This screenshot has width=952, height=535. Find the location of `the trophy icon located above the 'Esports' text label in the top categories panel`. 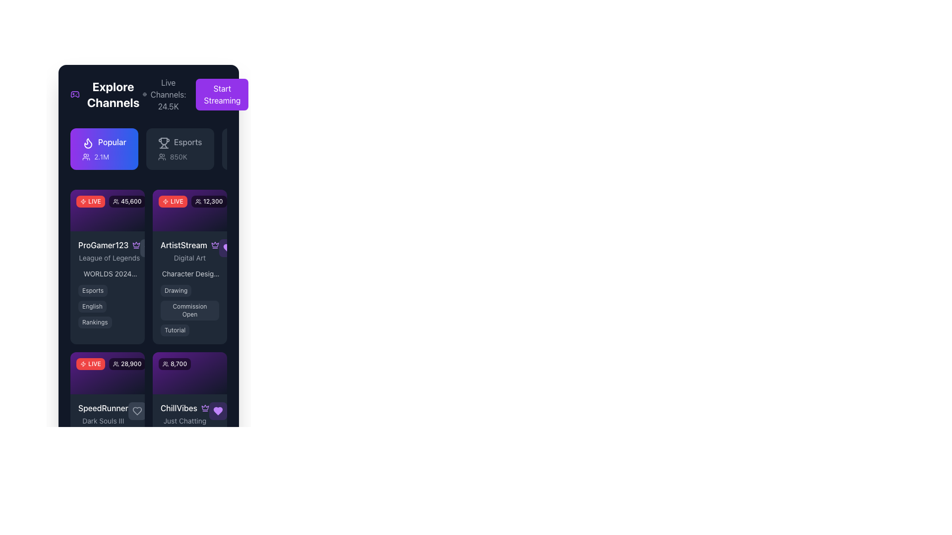

the trophy icon located above the 'Esports' text label in the top categories panel is located at coordinates (164, 143).